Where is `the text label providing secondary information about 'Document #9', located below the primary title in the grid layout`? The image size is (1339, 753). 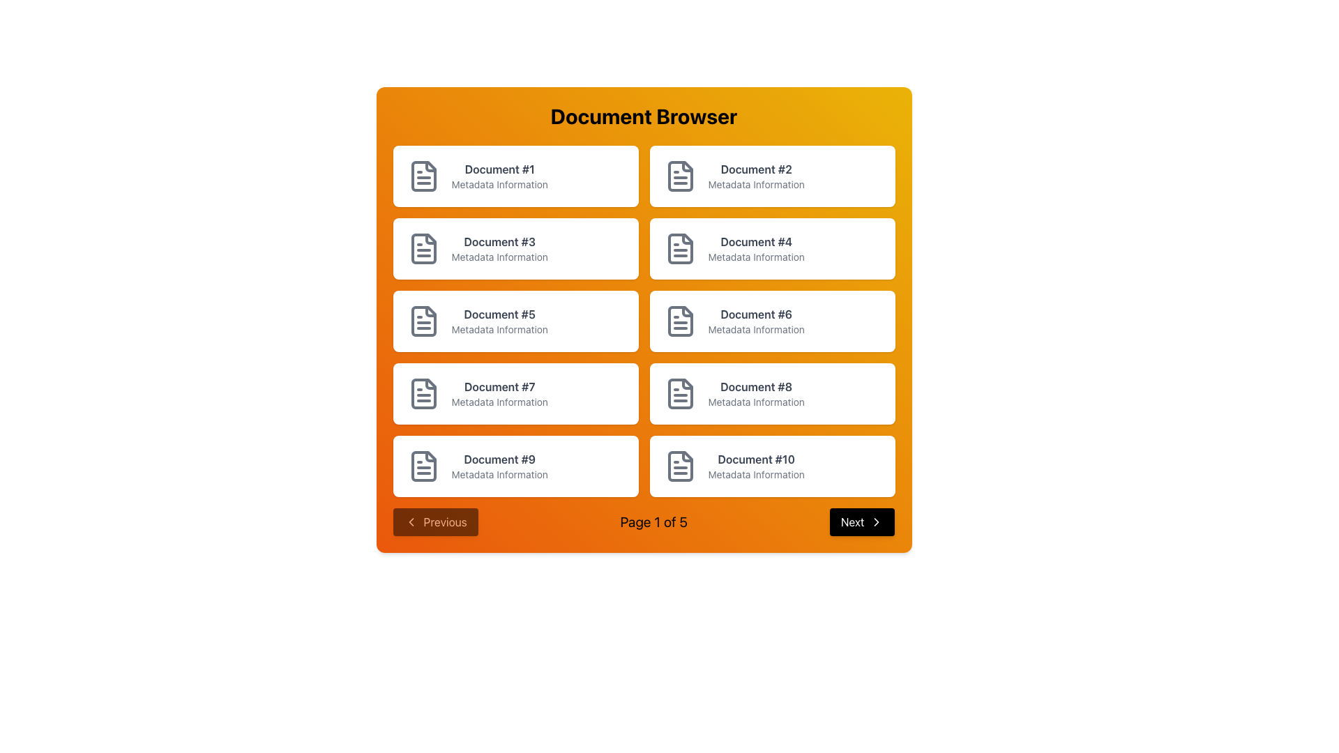
the text label providing secondary information about 'Document #9', located below the primary title in the grid layout is located at coordinates (499, 474).